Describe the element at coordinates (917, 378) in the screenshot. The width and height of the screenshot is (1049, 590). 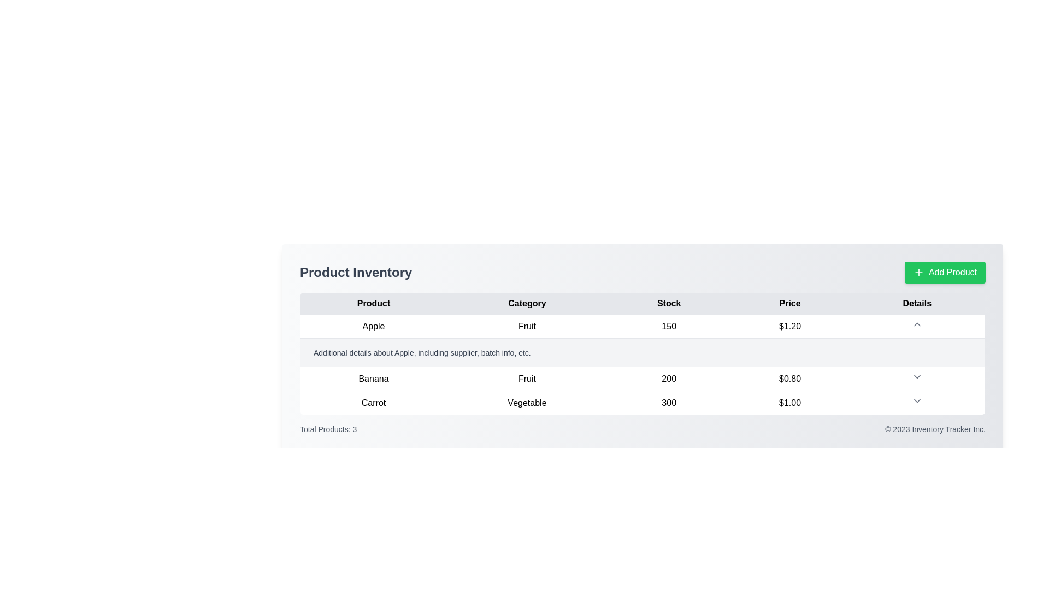
I see `the downward-pointing chevron icon in the 'Details' column of the second row labeled 'Banana' in the table` at that location.